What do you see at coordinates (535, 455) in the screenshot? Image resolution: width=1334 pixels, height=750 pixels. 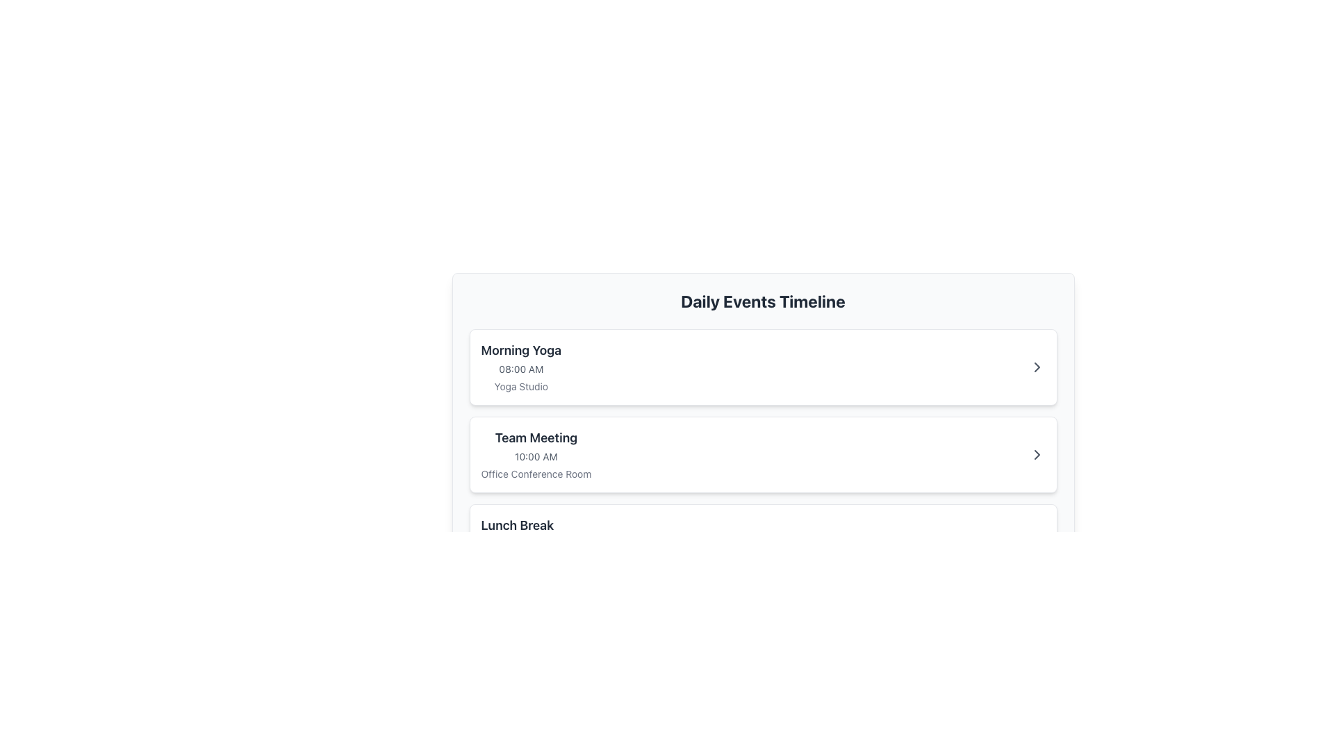 I see `details of the 'Team Meeting' event, which is the second item under the 'Daily Events Timeline', displaying the title, time, and location` at bounding box center [535, 455].